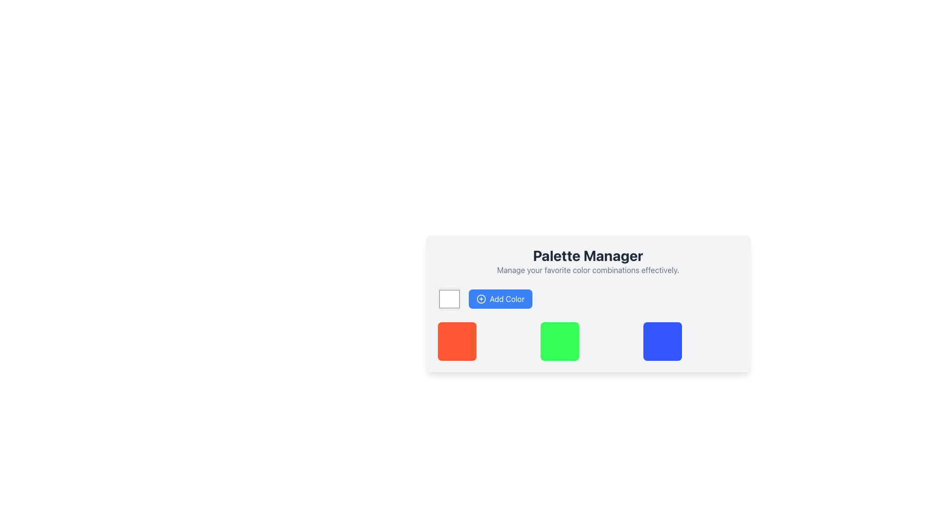 The height and width of the screenshot is (521, 926). Describe the element at coordinates (559, 341) in the screenshot. I see `the second color option in the palette` at that location.